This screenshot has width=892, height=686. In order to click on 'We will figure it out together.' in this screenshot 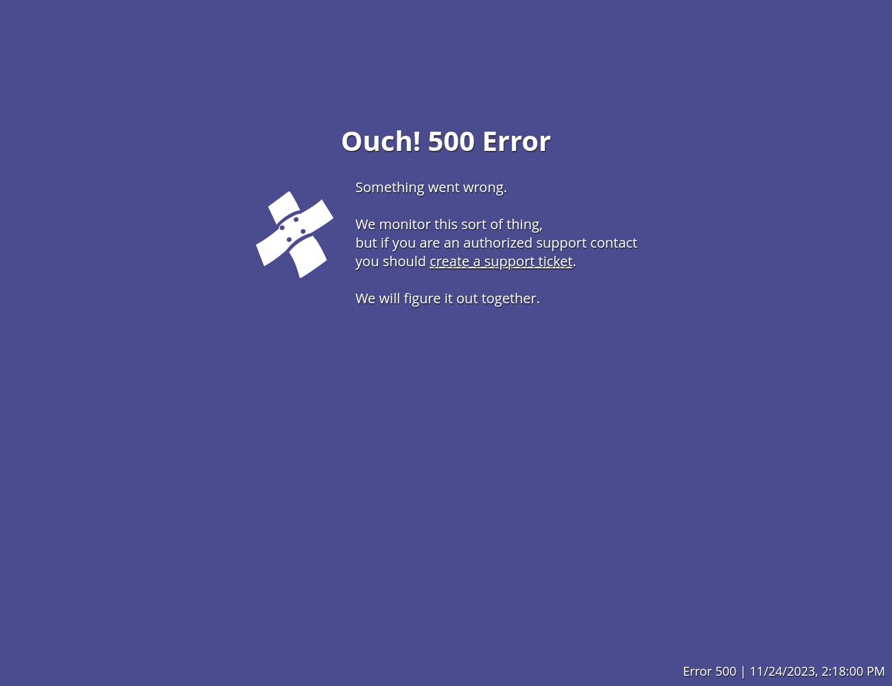, I will do `click(447, 297)`.